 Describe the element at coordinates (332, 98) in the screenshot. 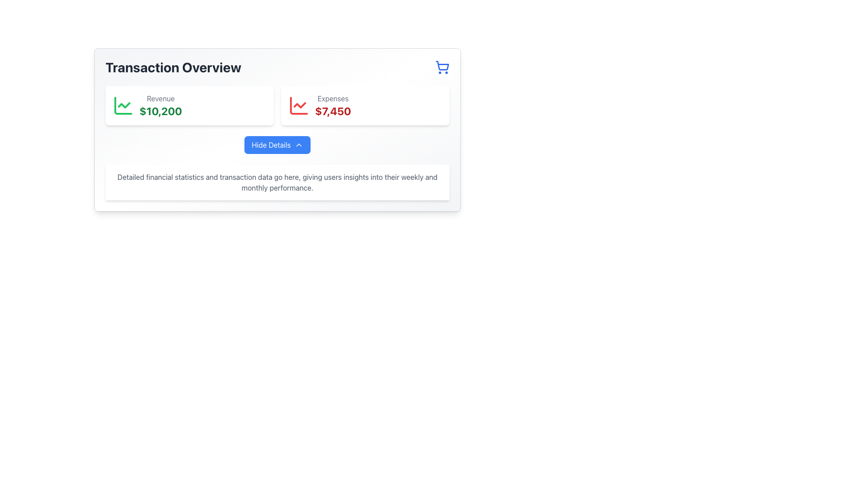

I see `the 'Expenses' text label displayed in light gray color, positioned above the numeric value '$7,450' on the financial data card` at that location.